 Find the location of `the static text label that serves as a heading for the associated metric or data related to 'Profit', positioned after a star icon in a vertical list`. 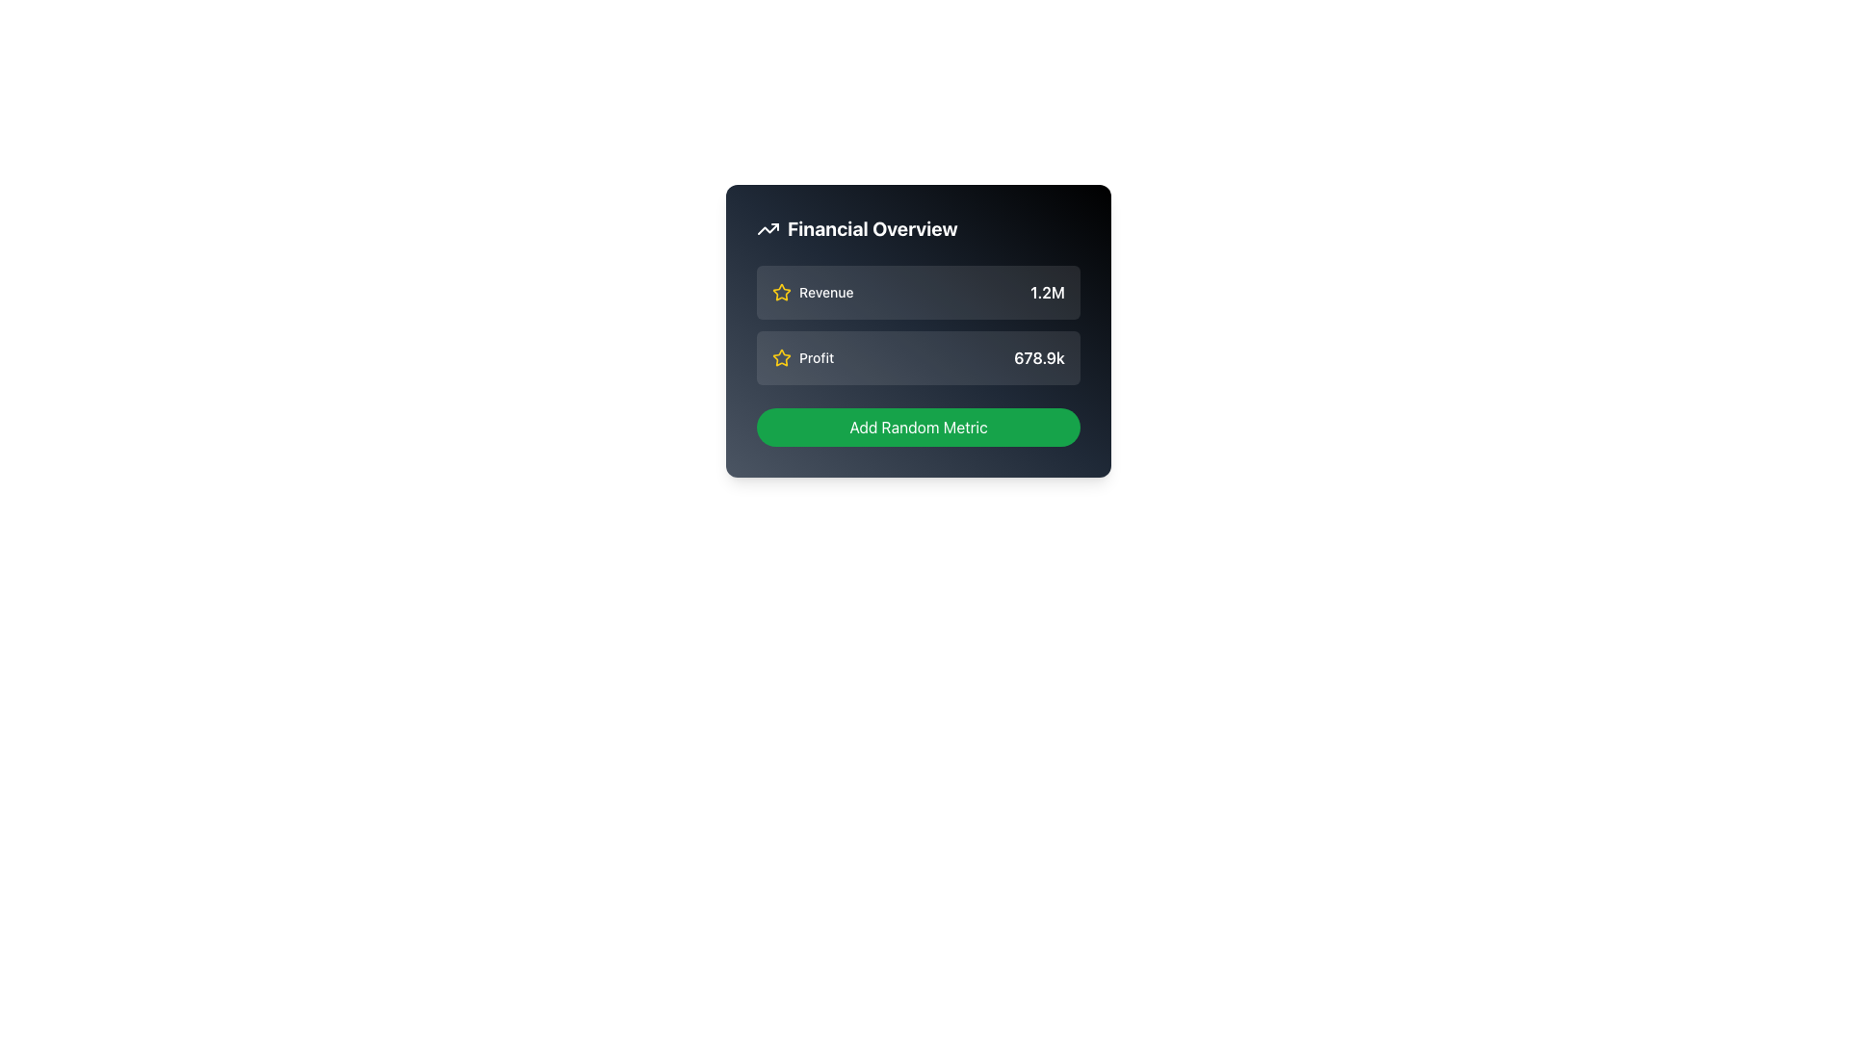

the static text label that serves as a heading for the associated metric or data related to 'Profit', positioned after a star icon in a vertical list is located at coordinates (817, 357).